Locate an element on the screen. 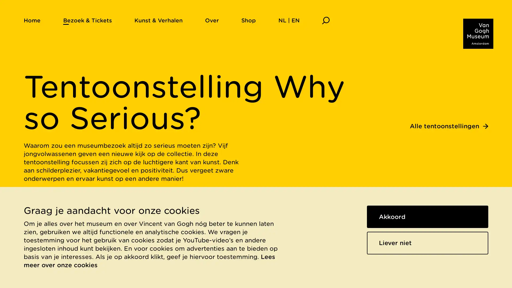  Liever niet is located at coordinates (427, 243).